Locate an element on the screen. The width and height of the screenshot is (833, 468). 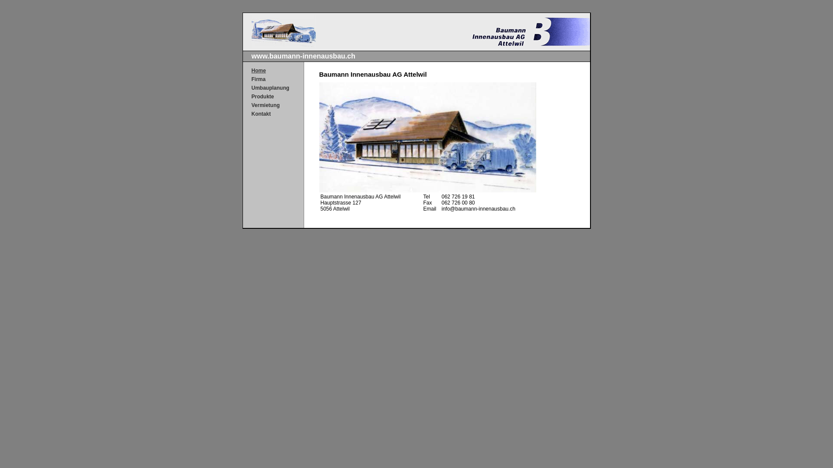
'info@baumann-innenausbau.ch' is located at coordinates (478, 209).